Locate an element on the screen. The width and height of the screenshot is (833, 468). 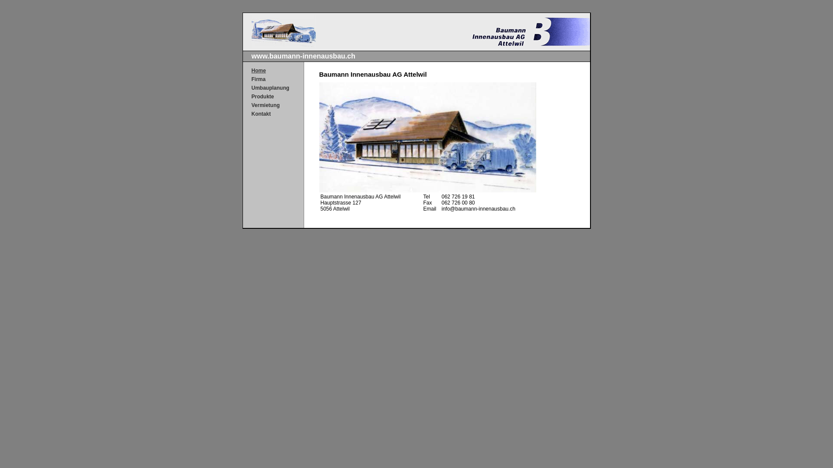
'info@baumann-innenausbau.ch' is located at coordinates (478, 209).